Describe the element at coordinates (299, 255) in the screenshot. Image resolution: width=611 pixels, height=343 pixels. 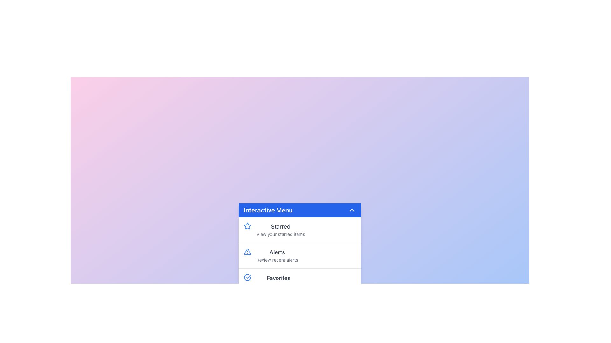
I see `the 'Alerts' menu item in the Interactive Menu` at that location.